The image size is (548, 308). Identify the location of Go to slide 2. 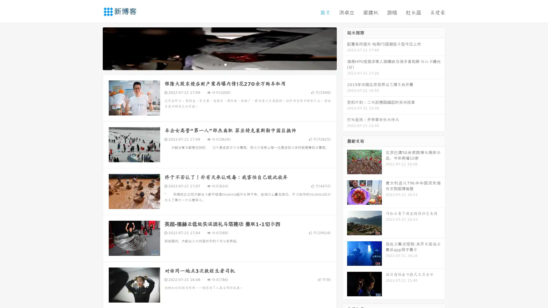
(219, 64).